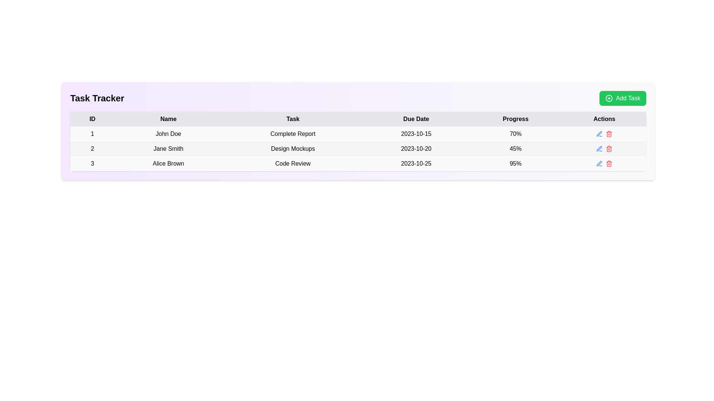  I want to click on the red trash bin icon button in the 'Actions' column for the task 'Design Mockups', so click(609, 149).